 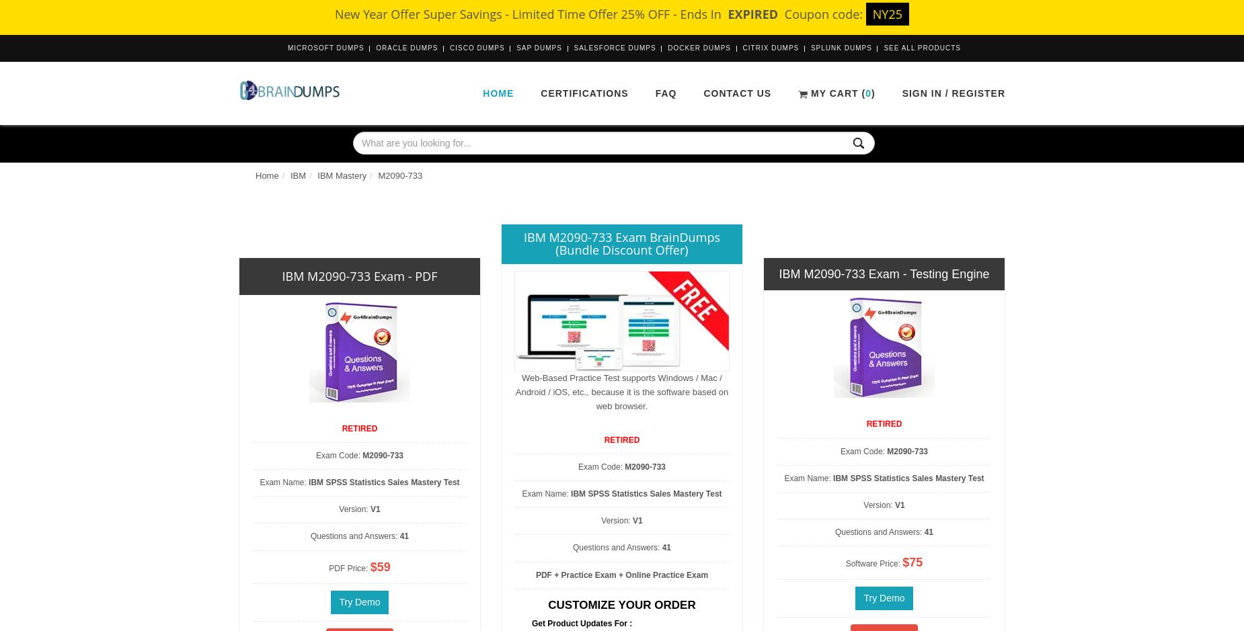 What do you see at coordinates (752, 14) in the screenshot?
I see `'EXPIRED'` at bounding box center [752, 14].